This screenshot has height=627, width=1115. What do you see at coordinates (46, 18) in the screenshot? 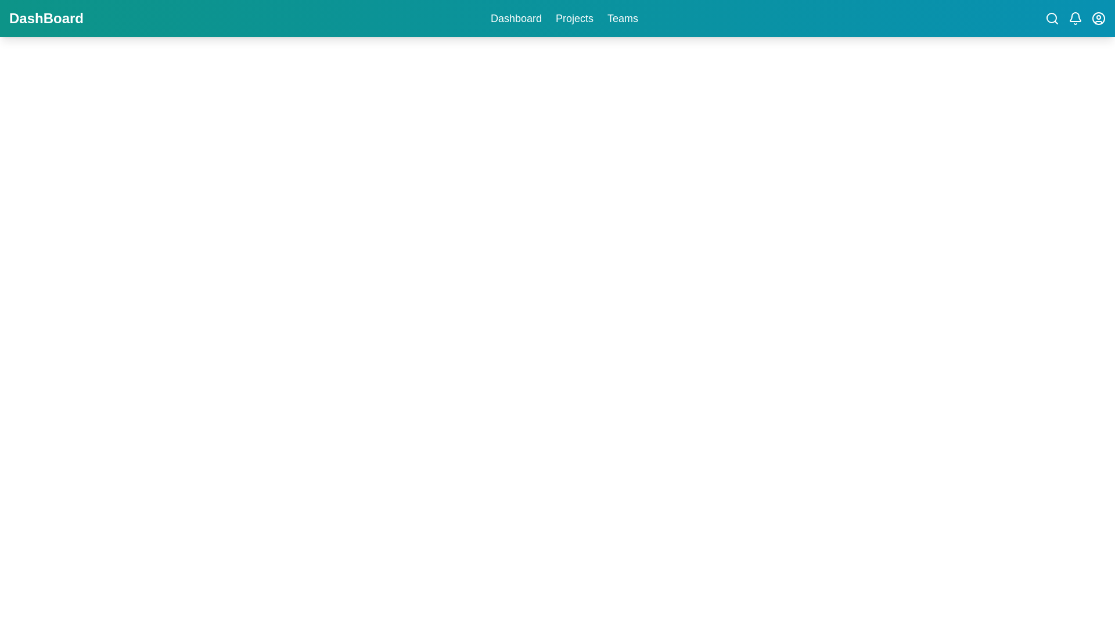
I see `the static text label displaying 'DashBoard' which is styled in bold white font against a teal background, located at the leftmost part of the top navigation bar` at bounding box center [46, 18].